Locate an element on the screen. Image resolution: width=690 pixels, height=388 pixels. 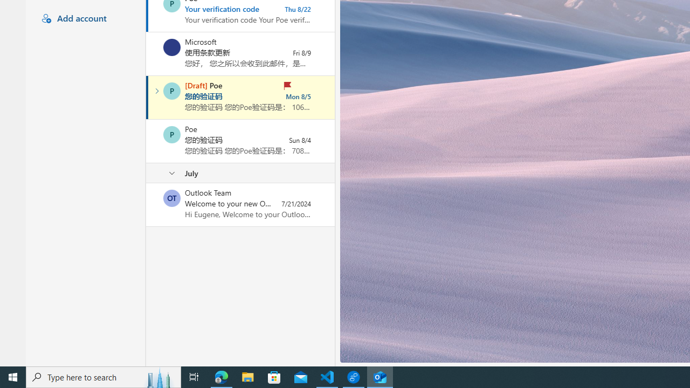
'Expand conversation' is located at coordinates (156, 90).